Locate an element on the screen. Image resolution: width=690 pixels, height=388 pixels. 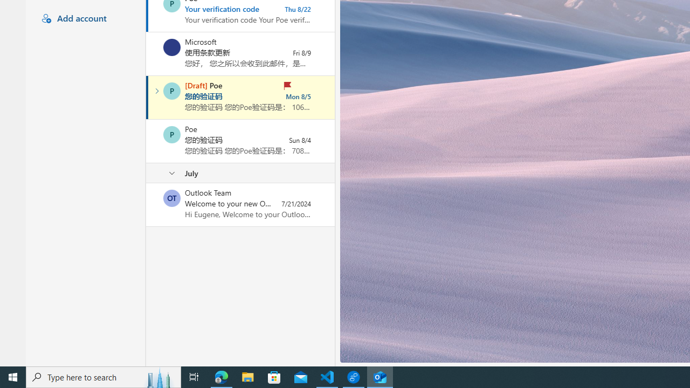
'Expand conversation' is located at coordinates (156, 90).